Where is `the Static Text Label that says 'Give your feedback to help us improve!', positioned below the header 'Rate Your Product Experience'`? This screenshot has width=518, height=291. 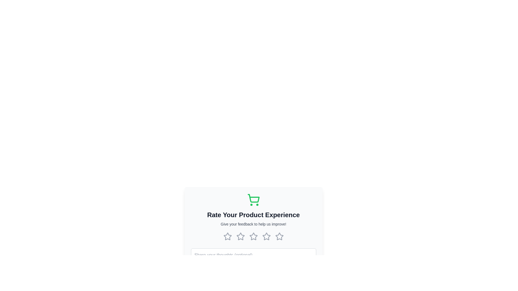 the Static Text Label that says 'Give your feedback to help us improve!', positioned below the header 'Rate Your Product Experience' is located at coordinates (253, 224).